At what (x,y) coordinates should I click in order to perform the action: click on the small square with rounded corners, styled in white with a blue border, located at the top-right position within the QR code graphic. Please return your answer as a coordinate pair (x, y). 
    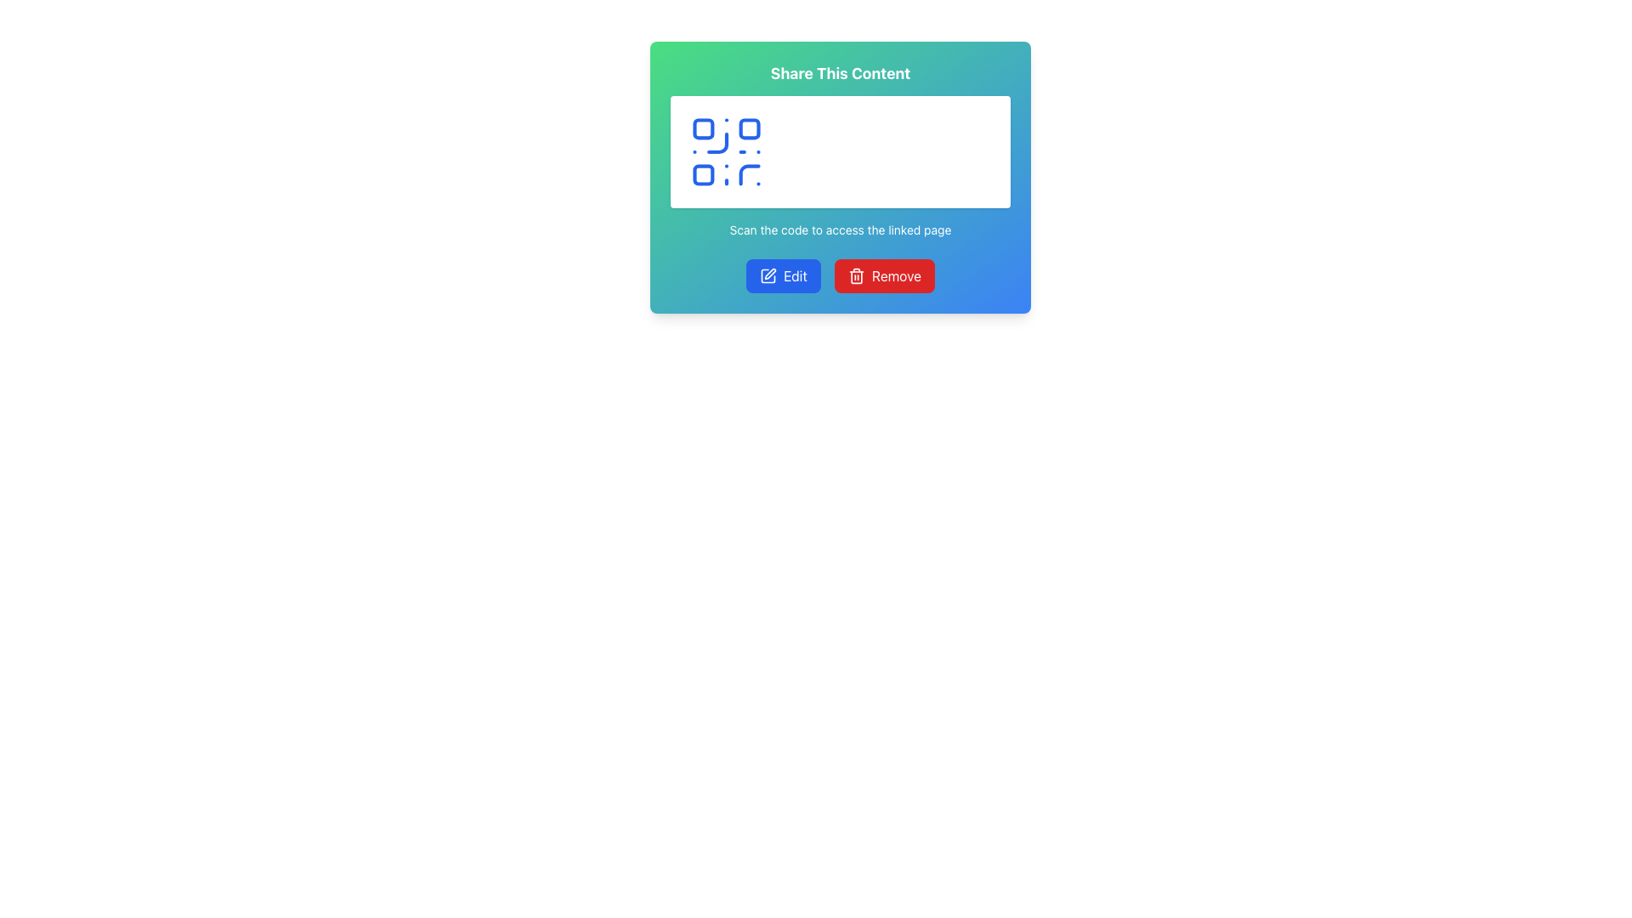
    Looking at the image, I should click on (749, 127).